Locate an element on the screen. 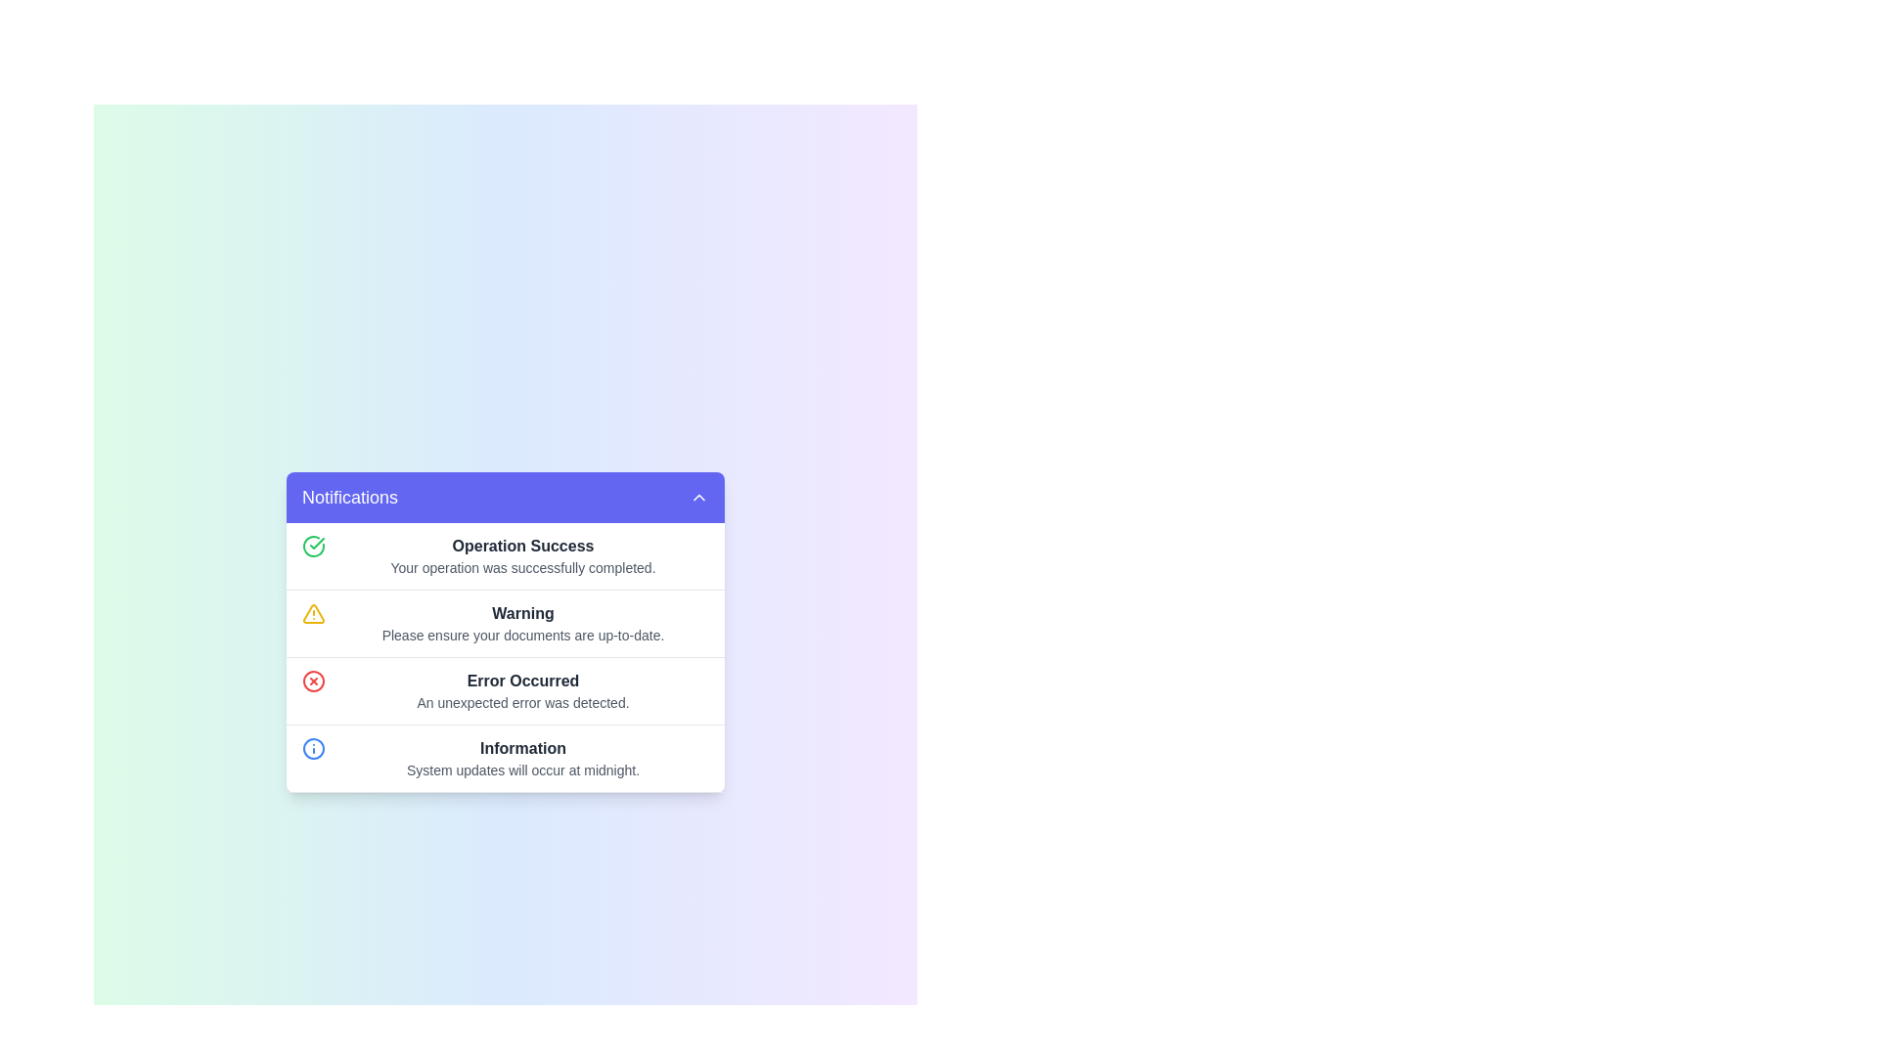  the Text Label that reads 'Please ensure your documents are up-to-date.' which is styled in gray and positioned below the 'Warning' label in the notification list is located at coordinates (522, 636).